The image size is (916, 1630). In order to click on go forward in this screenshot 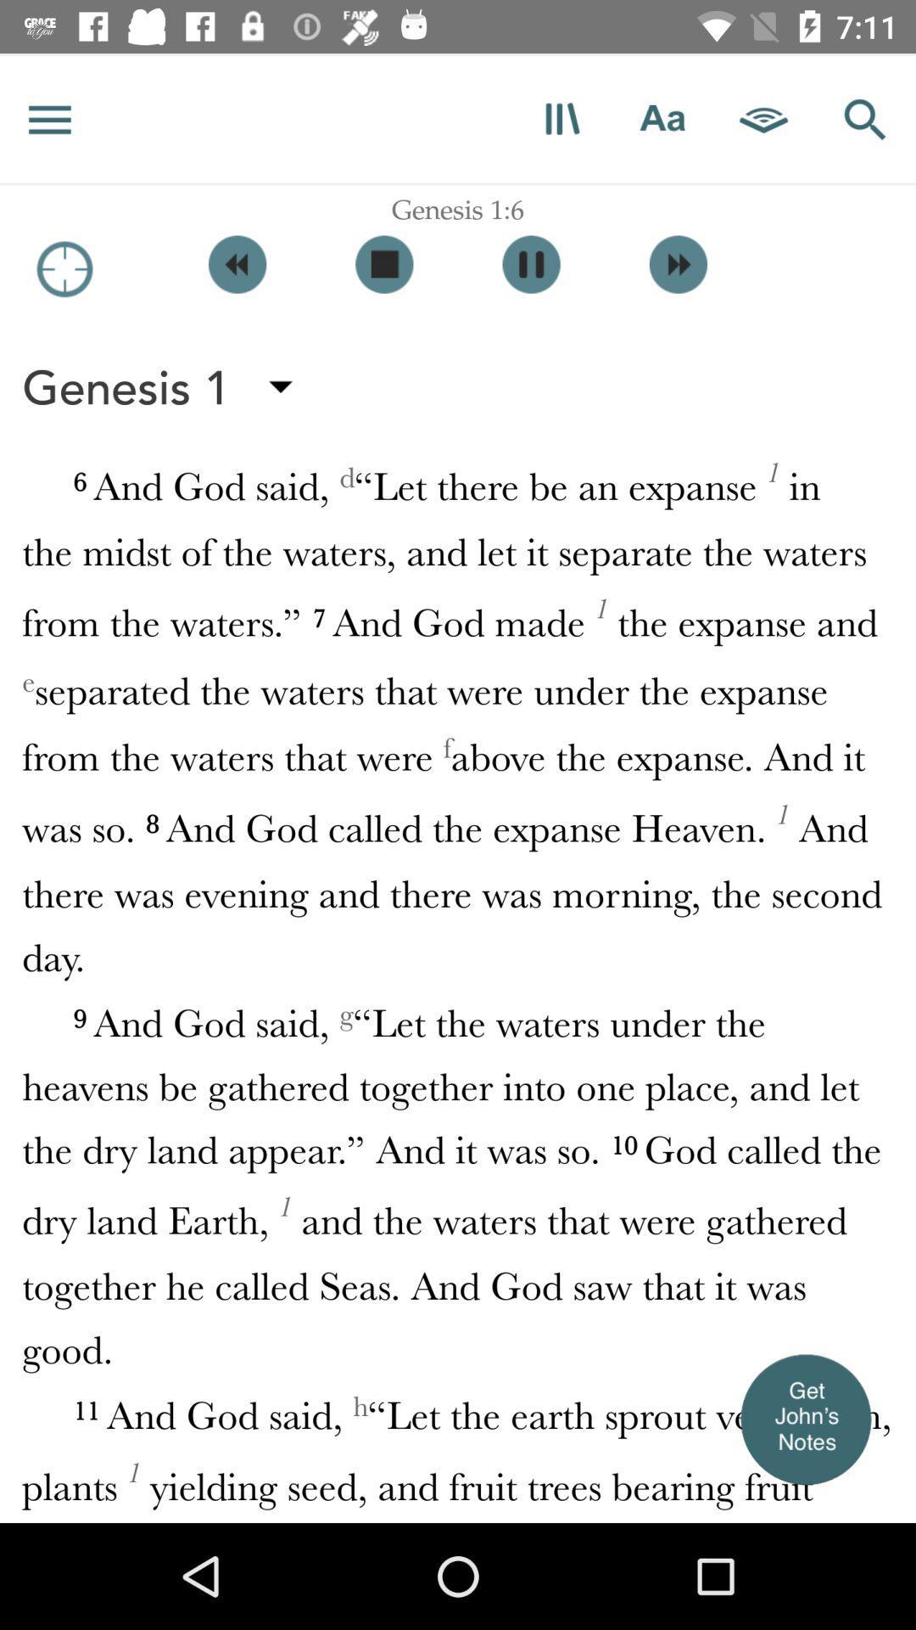, I will do `click(677, 263)`.